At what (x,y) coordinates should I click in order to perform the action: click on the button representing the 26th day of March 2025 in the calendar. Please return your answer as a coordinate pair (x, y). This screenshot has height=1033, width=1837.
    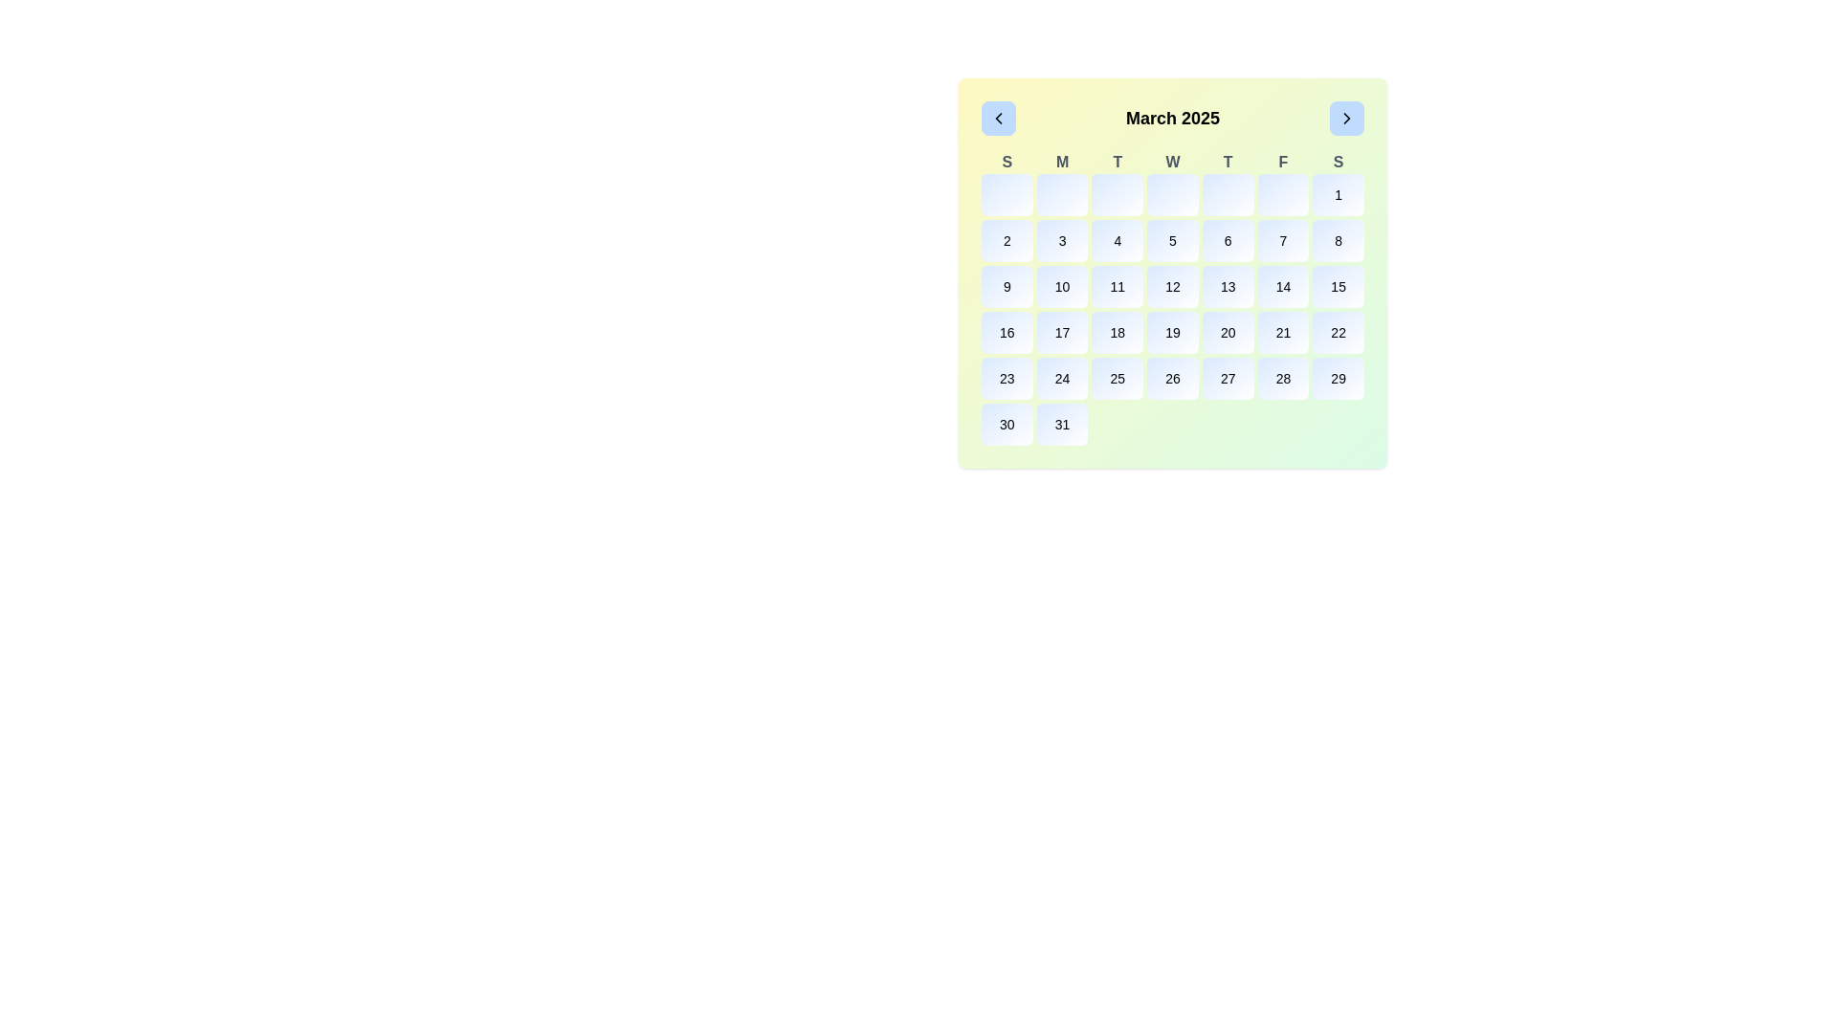
    Looking at the image, I should click on (1171, 379).